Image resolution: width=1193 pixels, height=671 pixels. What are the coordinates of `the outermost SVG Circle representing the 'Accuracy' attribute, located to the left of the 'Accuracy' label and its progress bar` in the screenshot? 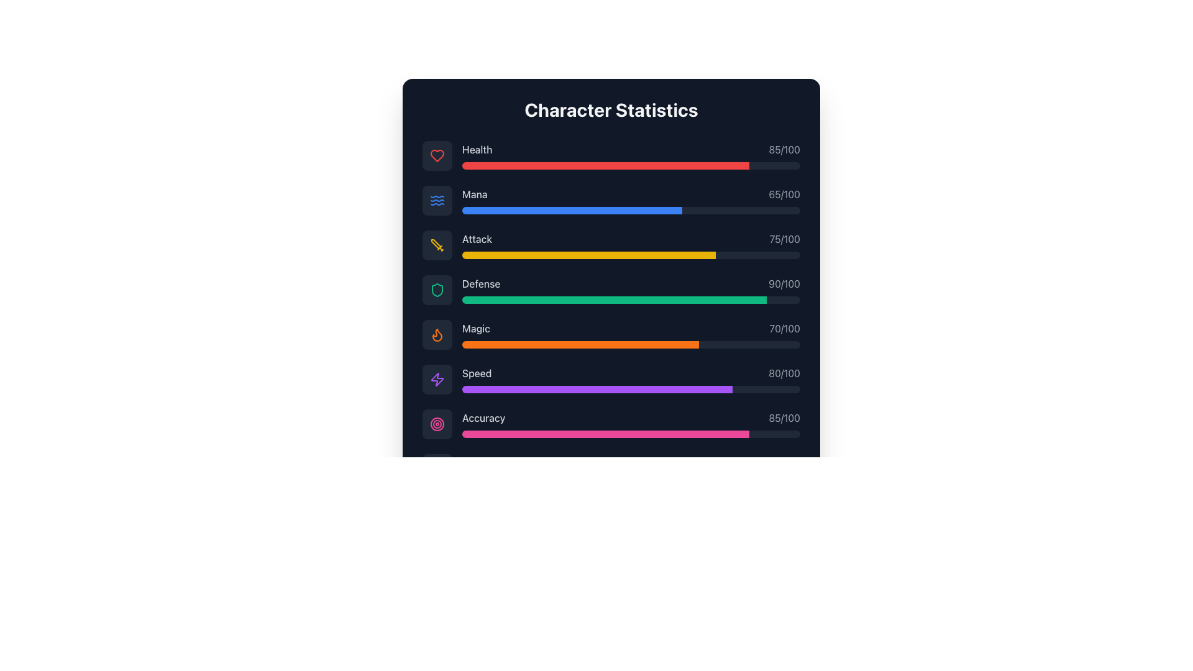 It's located at (437, 423).